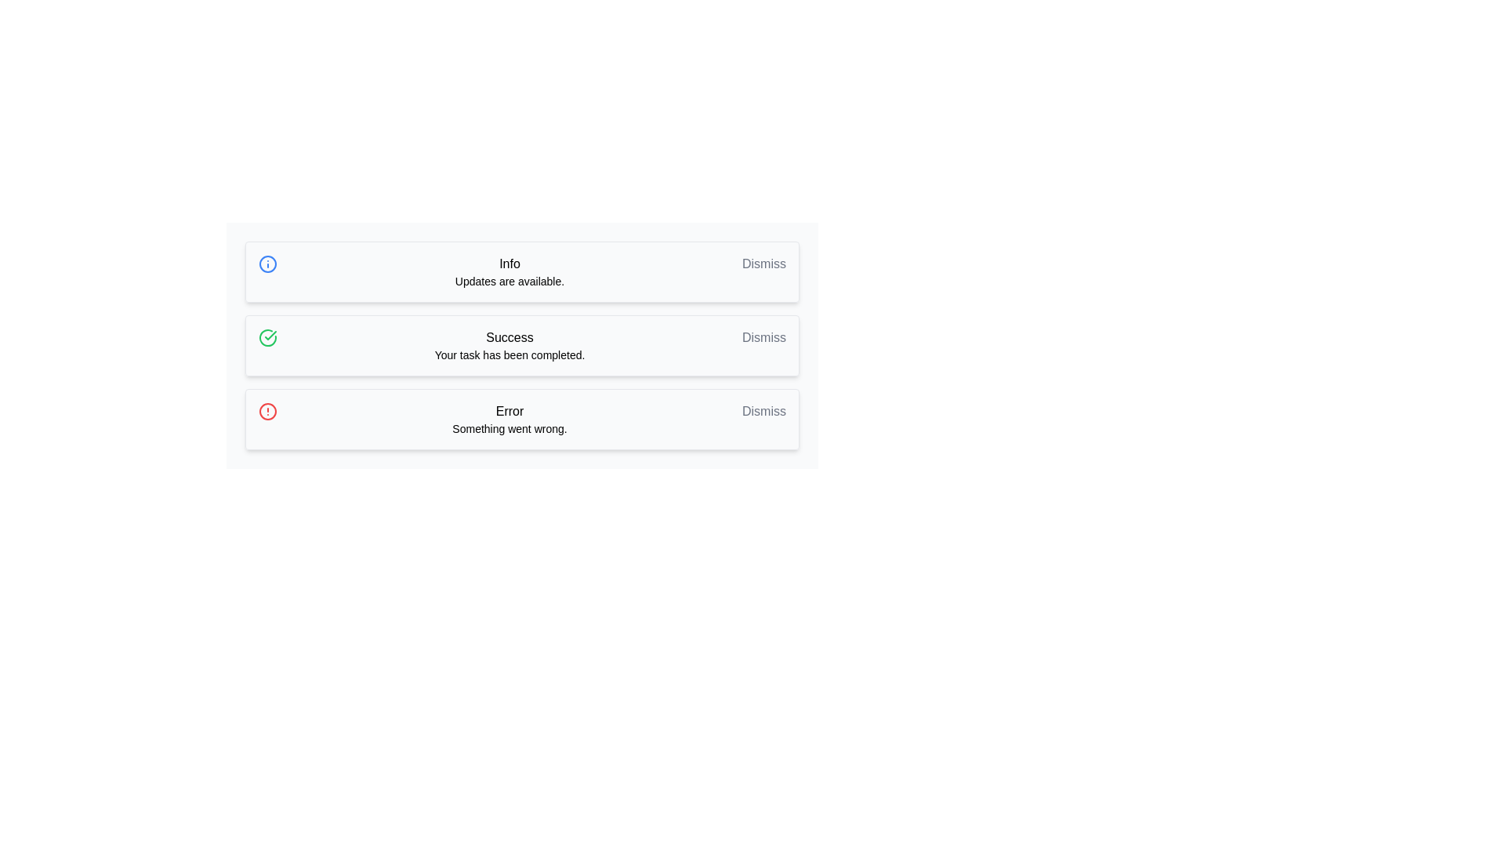  I want to click on the text label that displays 'Success' in bold font, which is centrally aligned within a notification card, so click(510, 344).